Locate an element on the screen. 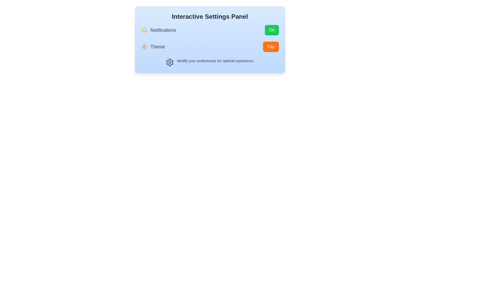 The image size is (501, 281). the label indicating the theme-switching functionality, which is located to the right of the sun icon in the settings panel is located at coordinates (157, 47).